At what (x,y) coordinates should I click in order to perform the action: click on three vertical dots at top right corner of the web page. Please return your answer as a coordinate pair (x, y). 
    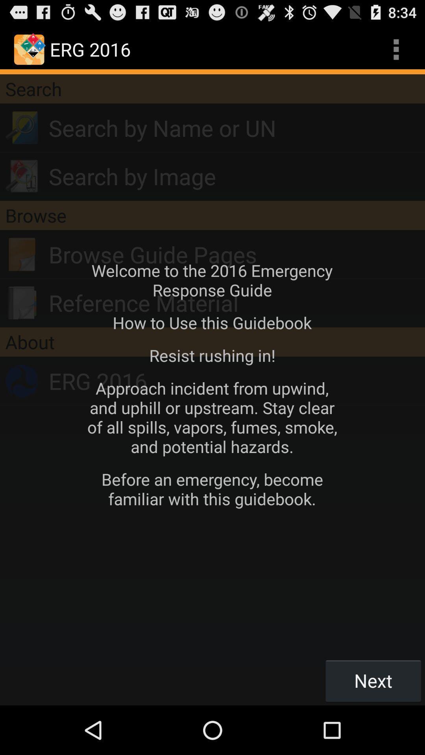
    Looking at the image, I should click on (396, 49).